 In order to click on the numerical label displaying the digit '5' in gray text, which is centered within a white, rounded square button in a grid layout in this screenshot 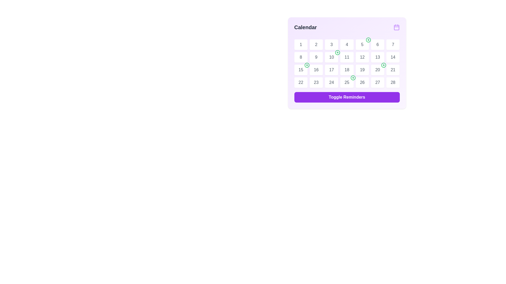, I will do `click(362, 44)`.